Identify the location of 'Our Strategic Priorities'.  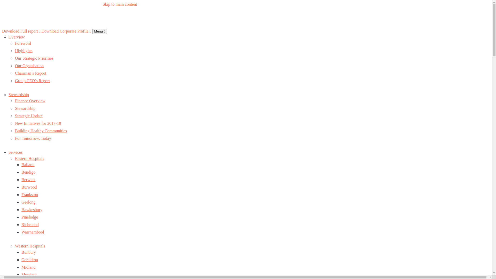
(34, 58).